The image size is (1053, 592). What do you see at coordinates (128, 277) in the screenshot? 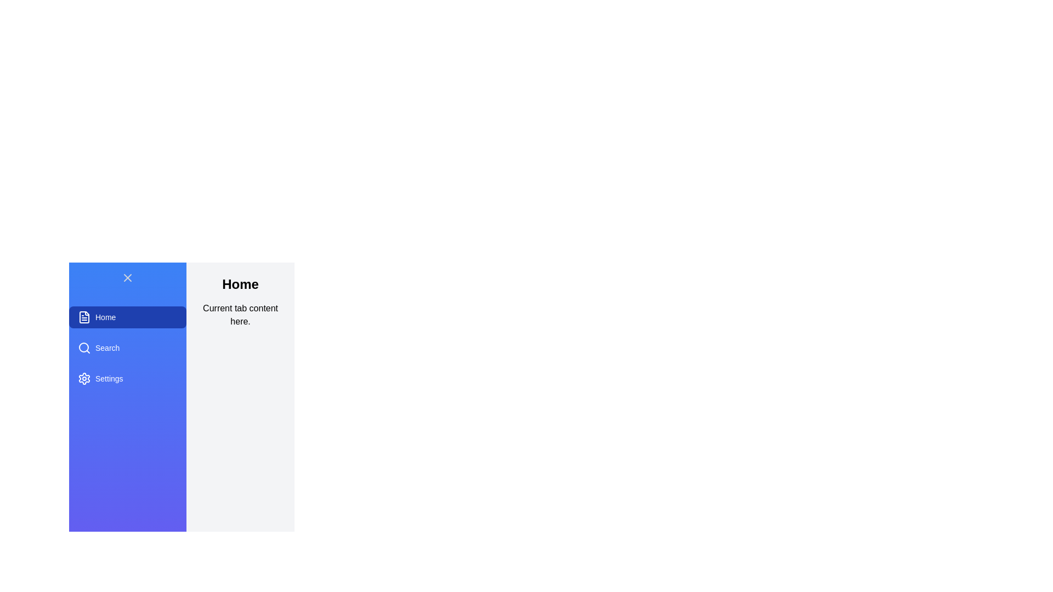
I see `the toggle button to toggle the drawer open or closed` at bounding box center [128, 277].